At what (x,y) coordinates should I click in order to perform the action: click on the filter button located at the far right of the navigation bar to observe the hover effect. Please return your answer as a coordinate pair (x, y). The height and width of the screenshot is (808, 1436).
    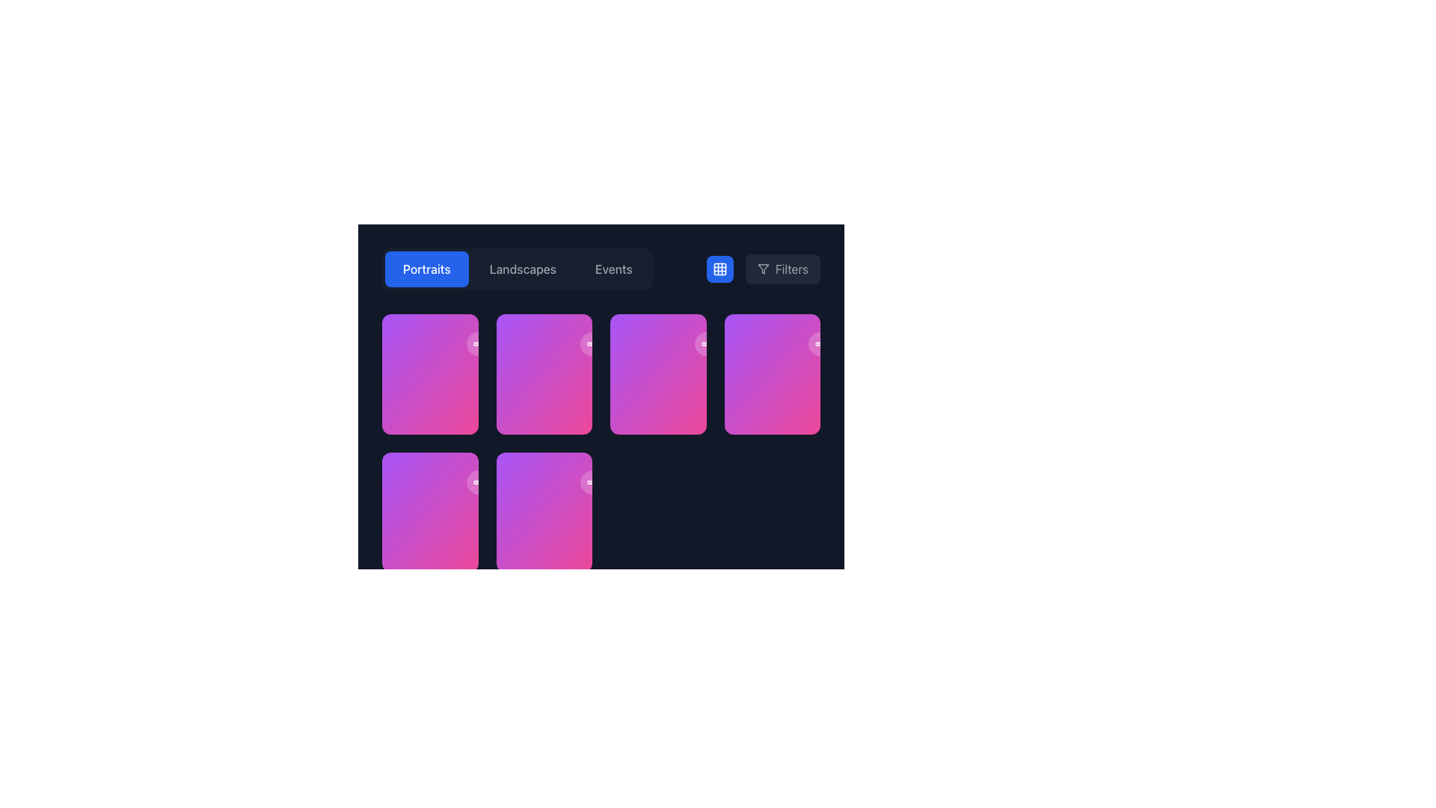
    Looking at the image, I should click on (763, 268).